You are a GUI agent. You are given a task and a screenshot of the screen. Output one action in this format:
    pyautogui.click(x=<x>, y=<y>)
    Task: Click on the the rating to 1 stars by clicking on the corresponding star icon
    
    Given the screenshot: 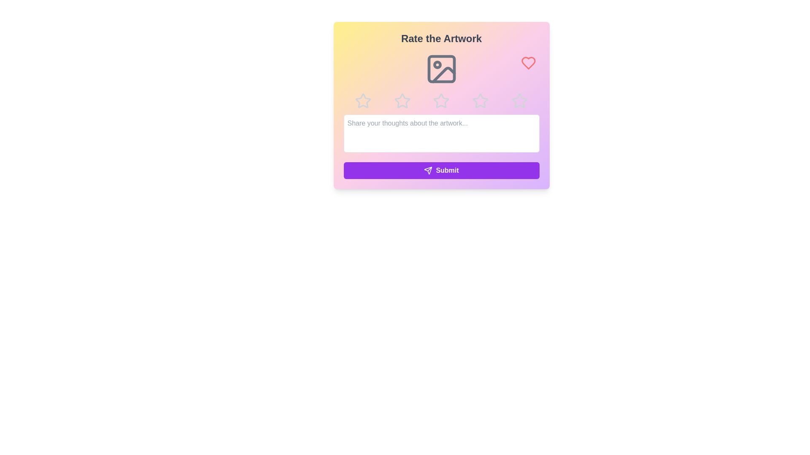 What is the action you would take?
    pyautogui.click(x=363, y=100)
    